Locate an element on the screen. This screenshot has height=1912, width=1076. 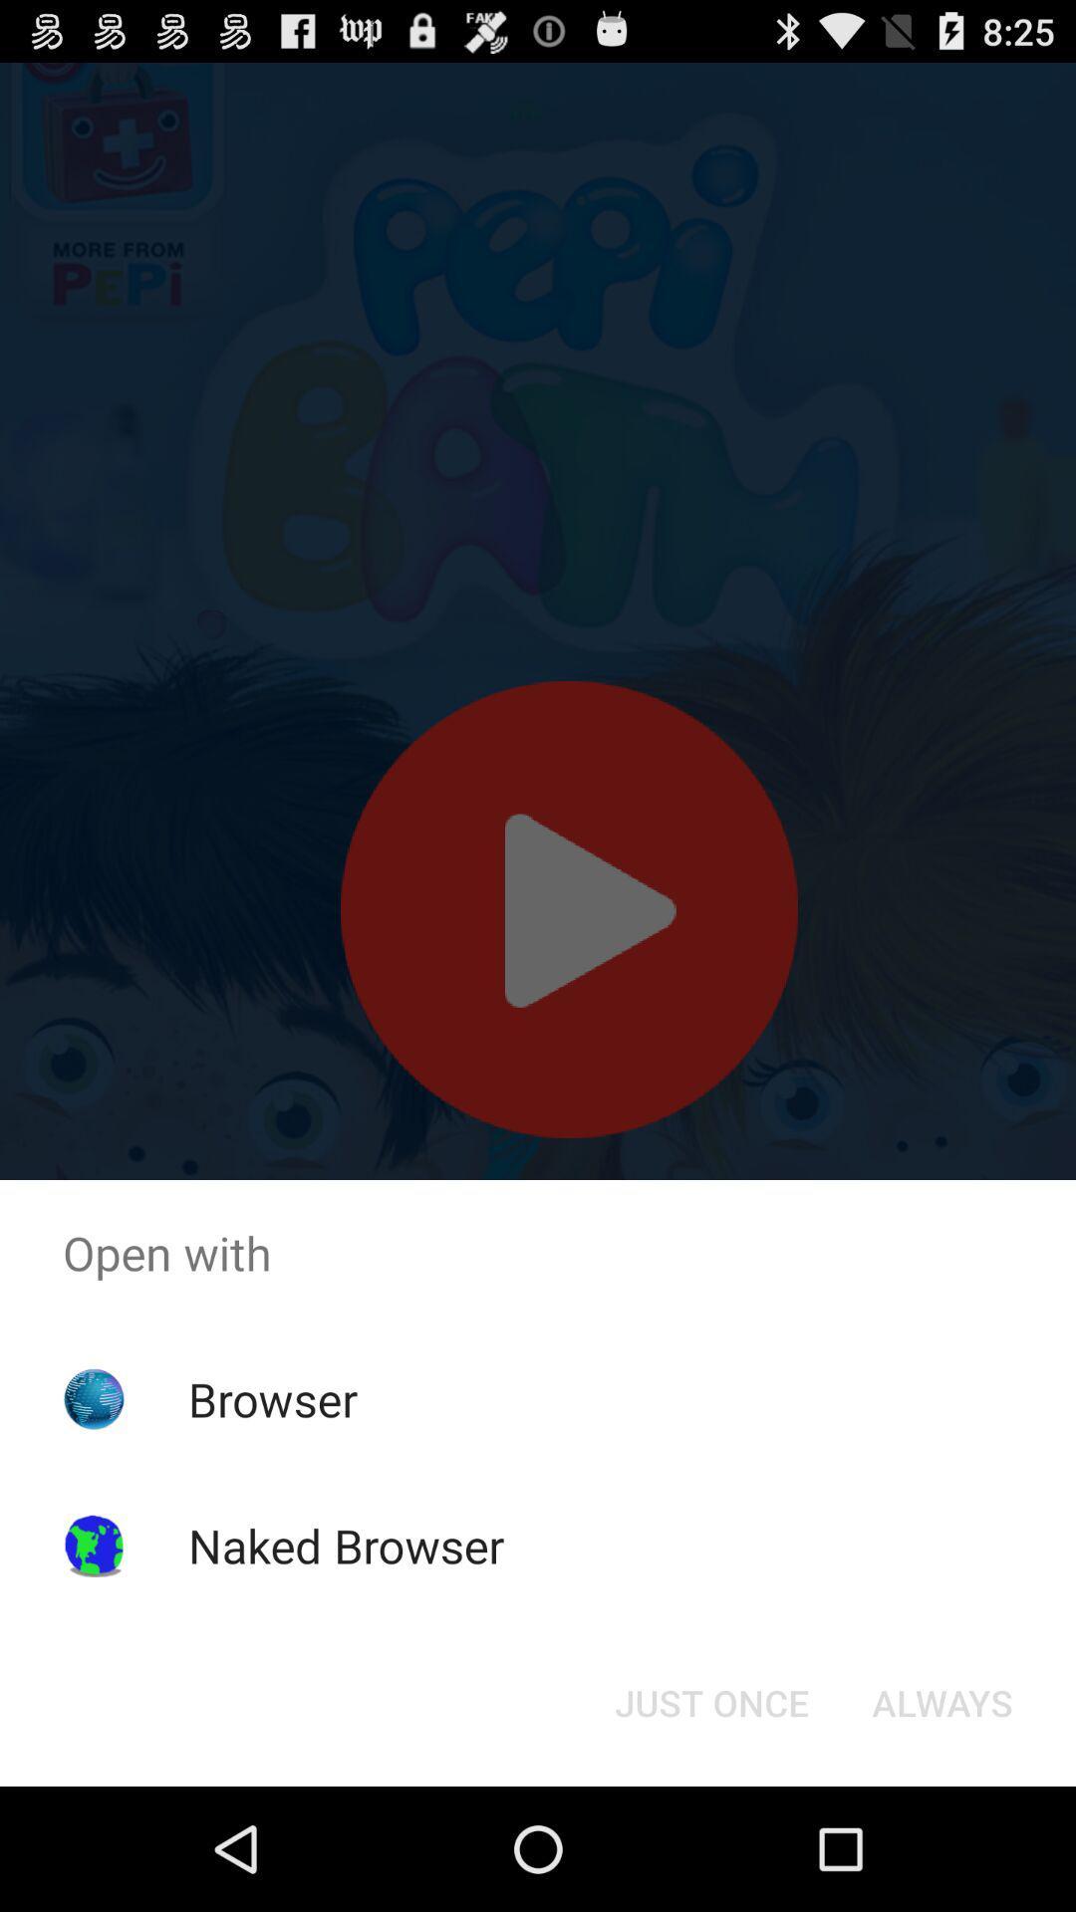
naked browser item is located at coordinates (345, 1545).